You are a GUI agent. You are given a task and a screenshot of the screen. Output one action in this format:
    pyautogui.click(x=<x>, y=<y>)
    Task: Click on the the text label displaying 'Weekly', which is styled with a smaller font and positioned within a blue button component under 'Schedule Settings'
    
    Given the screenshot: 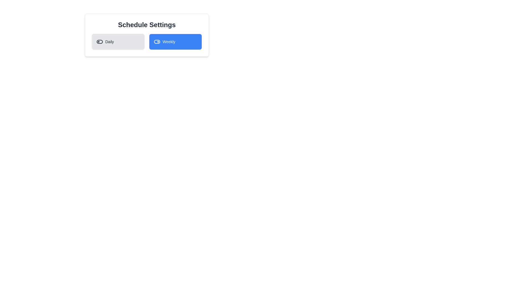 What is the action you would take?
    pyautogui.click(x=168, y=41)
    